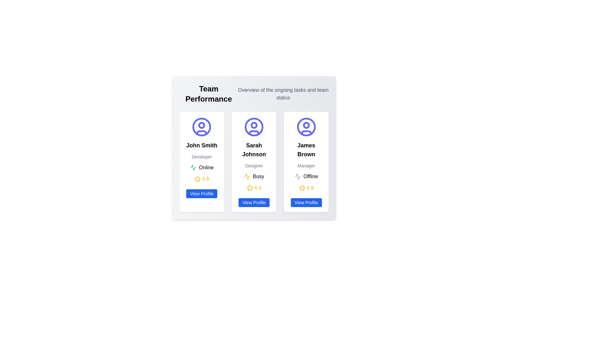 This screenshot has height=343, width=609. Describe the element at coordinates (254, 94) in the screenshot. I see `the Header element that provides a summary and context for the content displayed below, which is located at the top of the main card component` at that location.